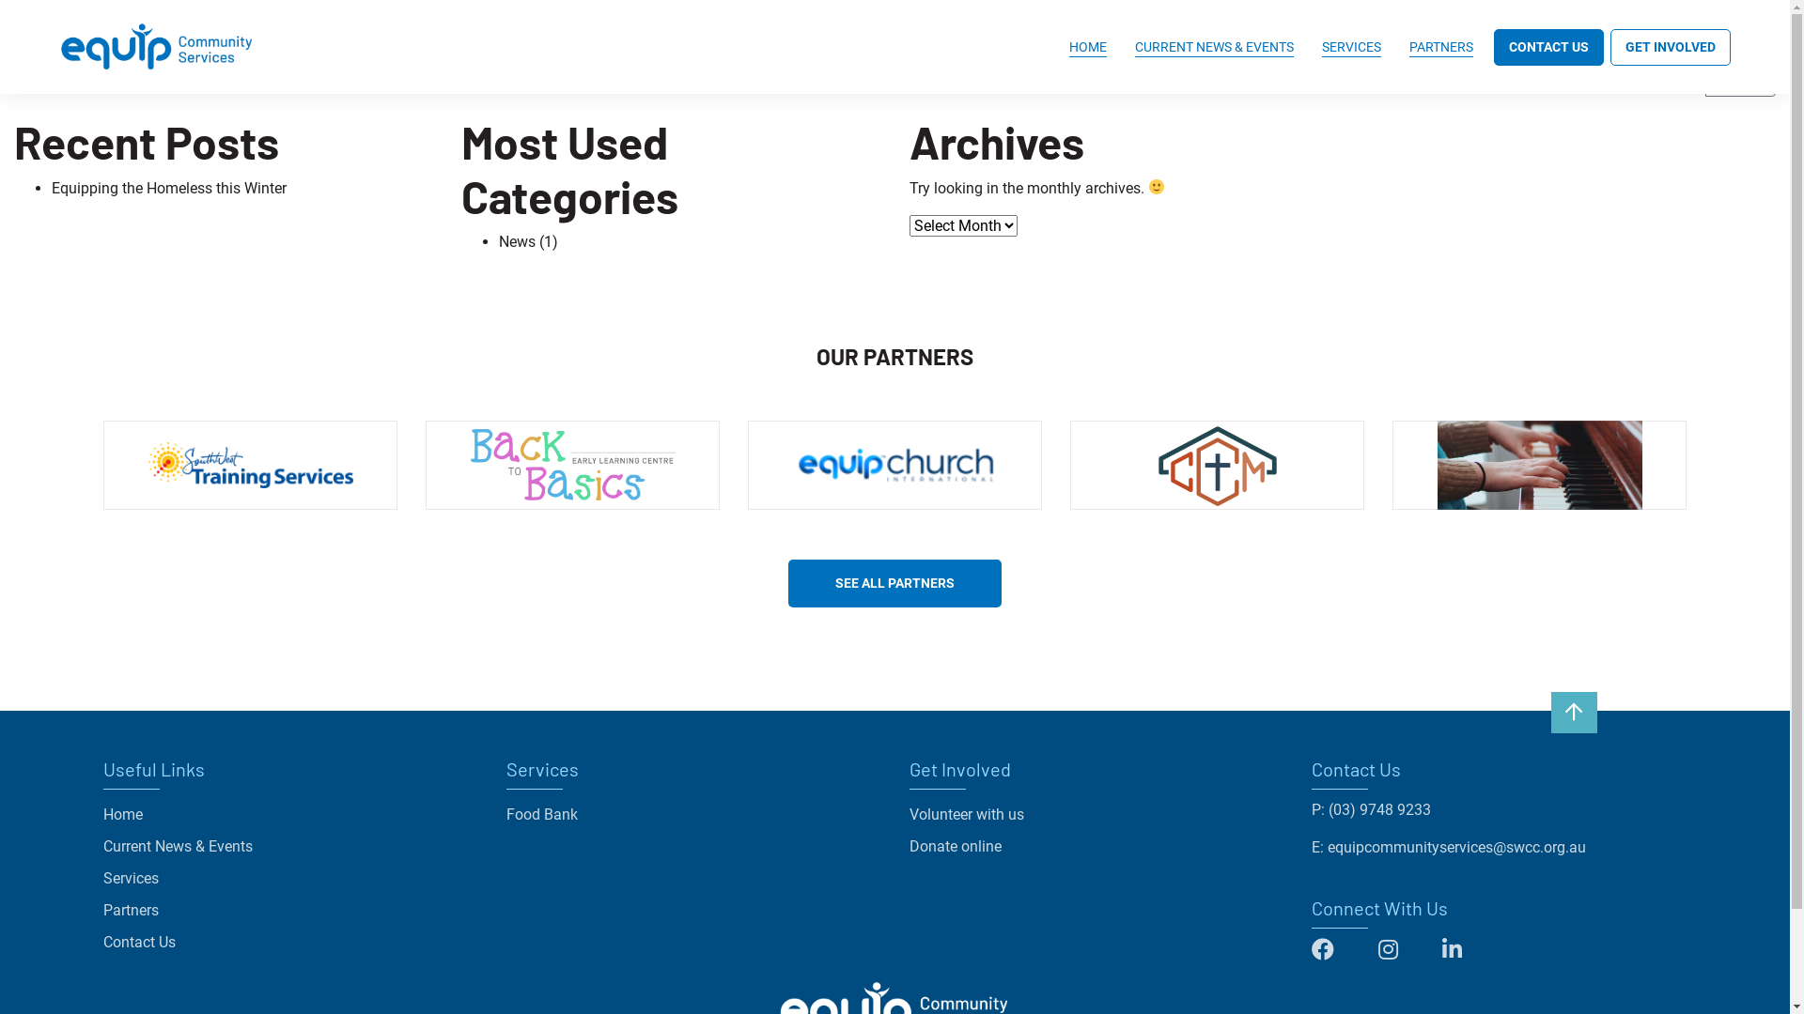 The height and width of the screenshot is (1014, 1804). What do you see at coordinates (1548, 45) in the screenshot?
I see `'CONTACT US'` at bounding box center [1548, 45].